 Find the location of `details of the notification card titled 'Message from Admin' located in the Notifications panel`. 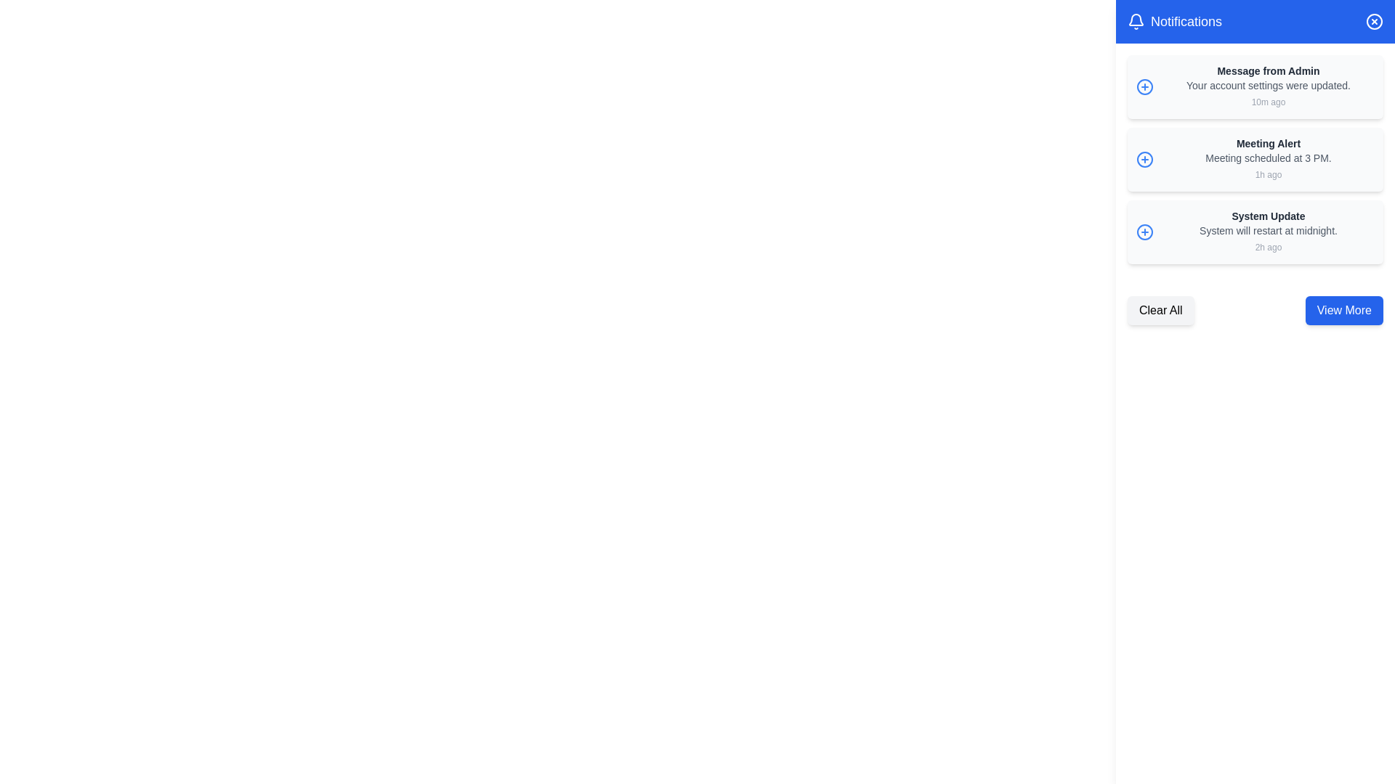

details of the notification card titled 'Message from Admin' located in the Notifications panel is located at coordinates (1255, 86).